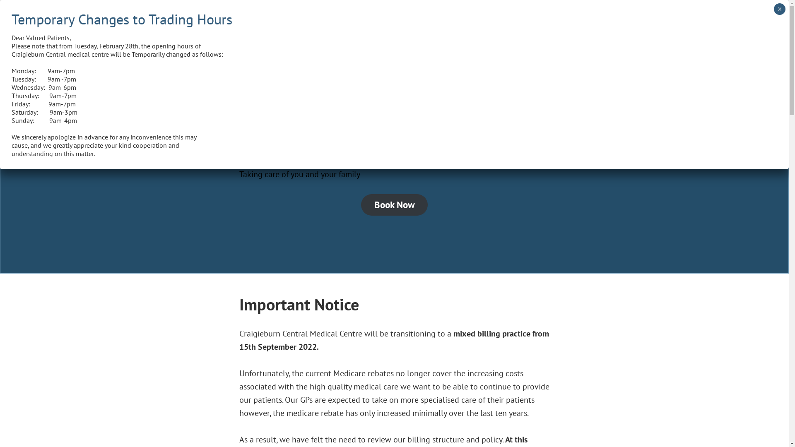  Describe the element at coordinates (394, 204) in the screenshot. I see `'Book Now'` at that location.